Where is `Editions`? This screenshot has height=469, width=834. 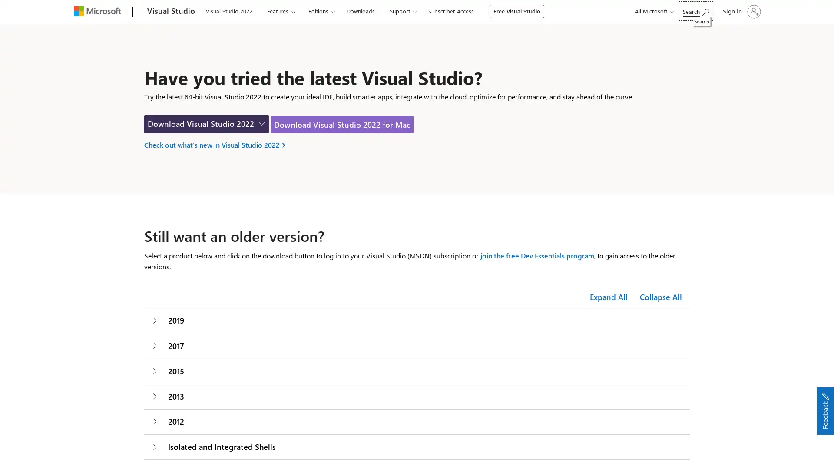
Editions is located at coordinates (321, 11).